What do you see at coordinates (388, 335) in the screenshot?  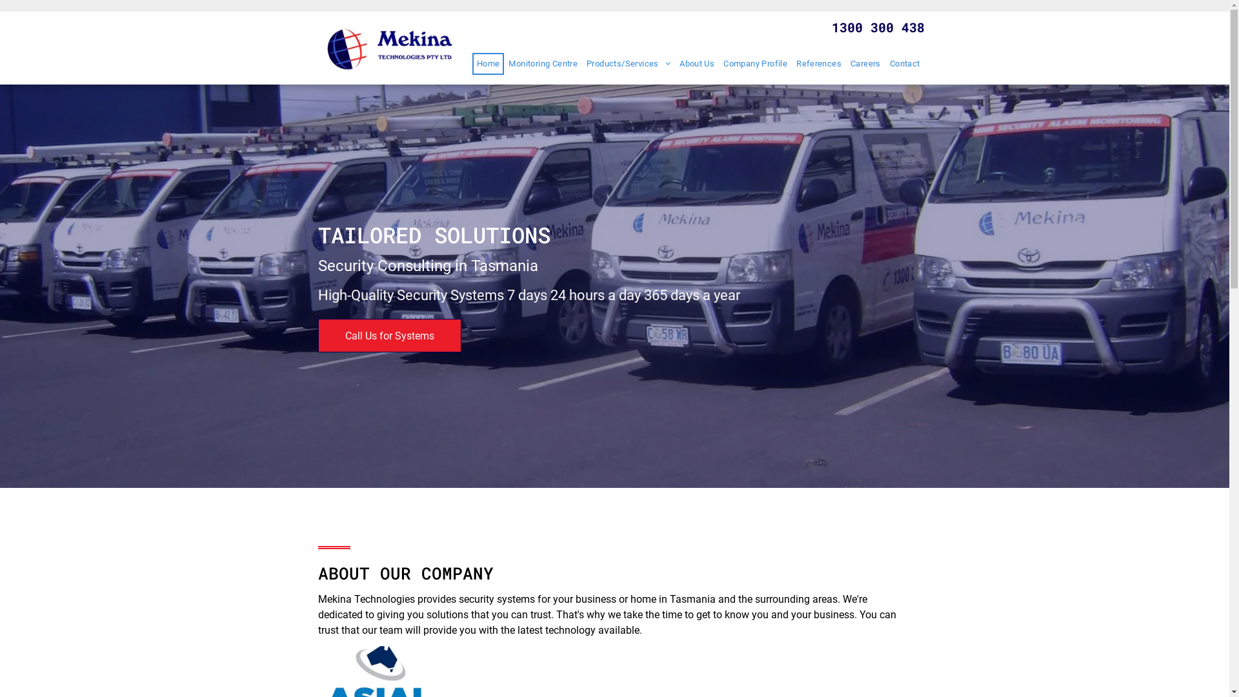 I see `'Call Us for Systems'` at bounding box center [388, 335].